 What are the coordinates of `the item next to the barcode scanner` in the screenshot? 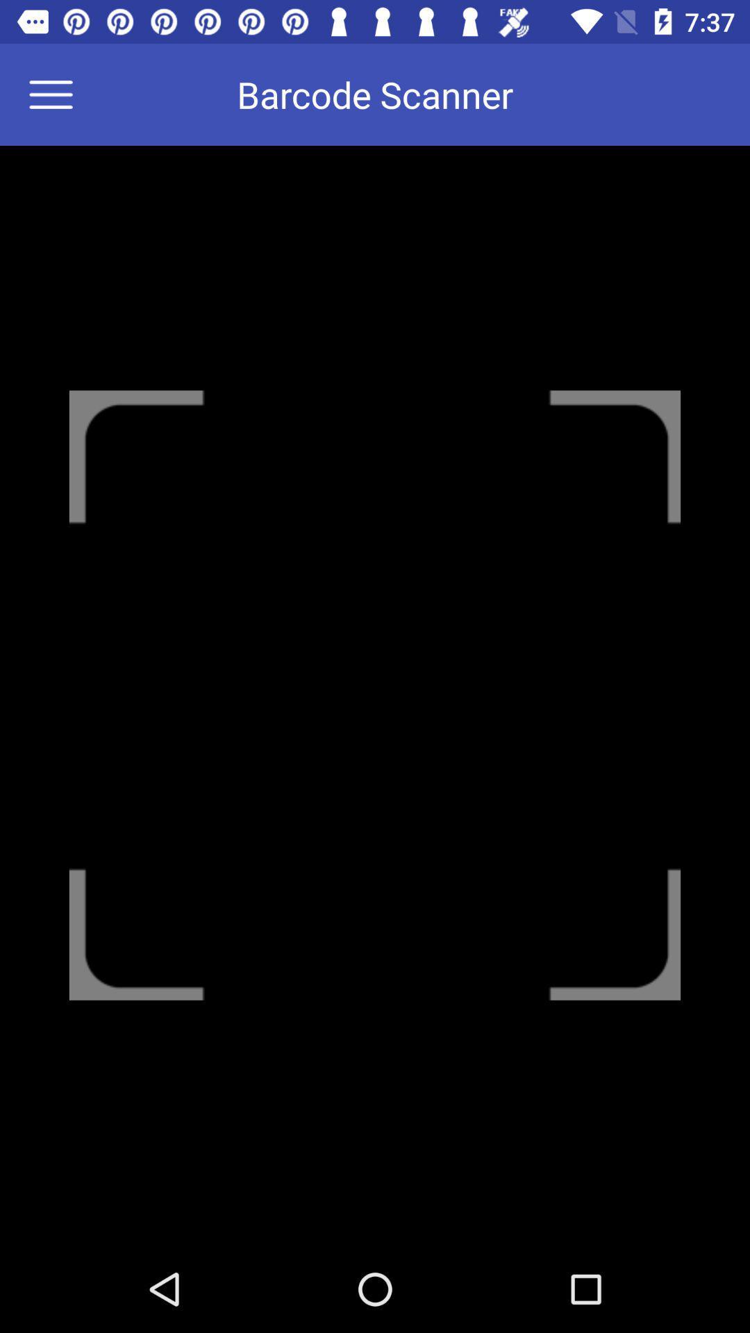 It's located at (59, 94).